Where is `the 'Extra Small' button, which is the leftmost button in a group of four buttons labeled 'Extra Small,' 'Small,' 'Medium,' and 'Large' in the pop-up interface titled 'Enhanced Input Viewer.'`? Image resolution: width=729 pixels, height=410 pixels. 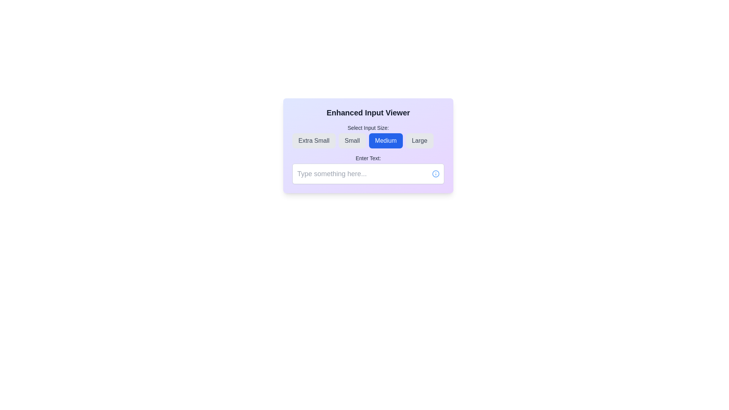
the 'Extra Small' button, which is the leftmost button in a group of four buttons labeled 'Extra Small,' 'Small,' 'Medium,' and 'Large' in the pop-up interface titled 'Enhanced Input Viewer.' is located at coordinates (314, 140).